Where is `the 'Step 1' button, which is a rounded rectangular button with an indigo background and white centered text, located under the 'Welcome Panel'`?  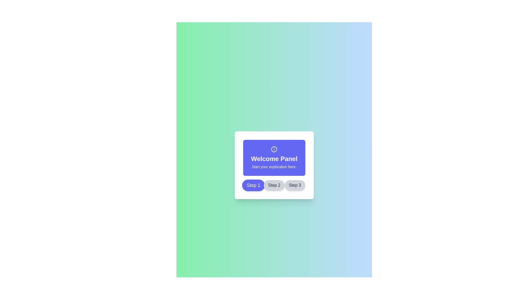
the 'Step 1' button, which is a rounded rectangular button with an indigo background and white centered text, located under the 'Welcome Panel' is located at coordinates (253, 185).